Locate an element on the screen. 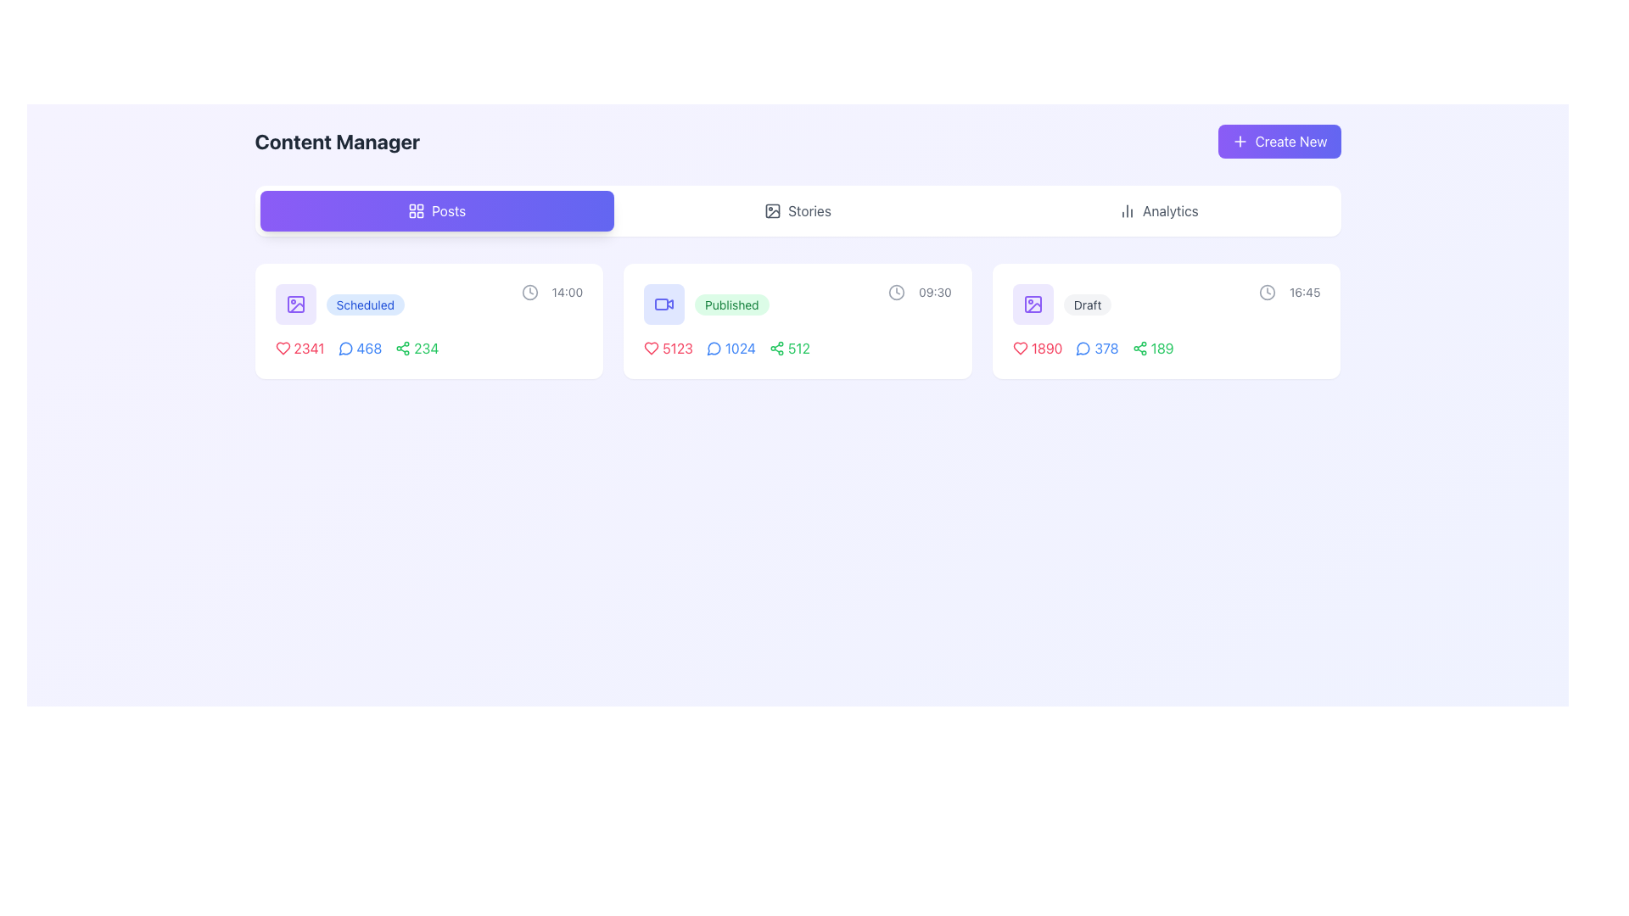 The width and height of the screenshot is (1629, 916). the shares indicator text element located at the rightmost position among the interaction statistics under the 'Published' panel in the second post panel is located at coordinates (797, 348).